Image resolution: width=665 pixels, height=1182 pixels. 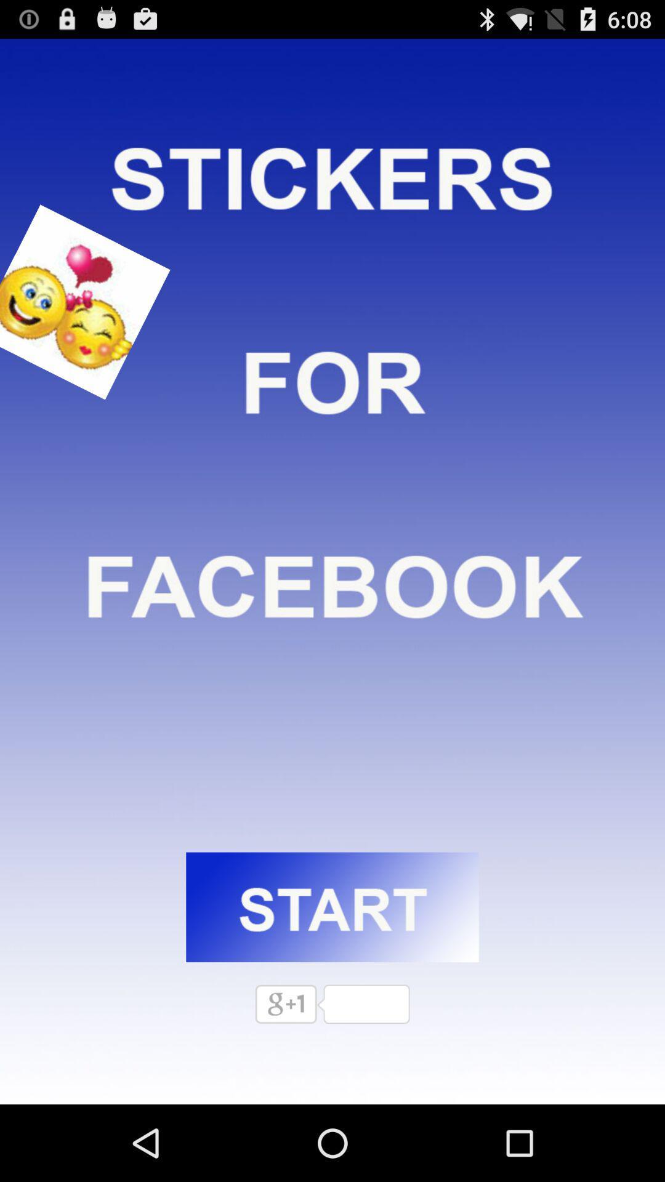 I want to click on start button, so click(x=332, y=907).